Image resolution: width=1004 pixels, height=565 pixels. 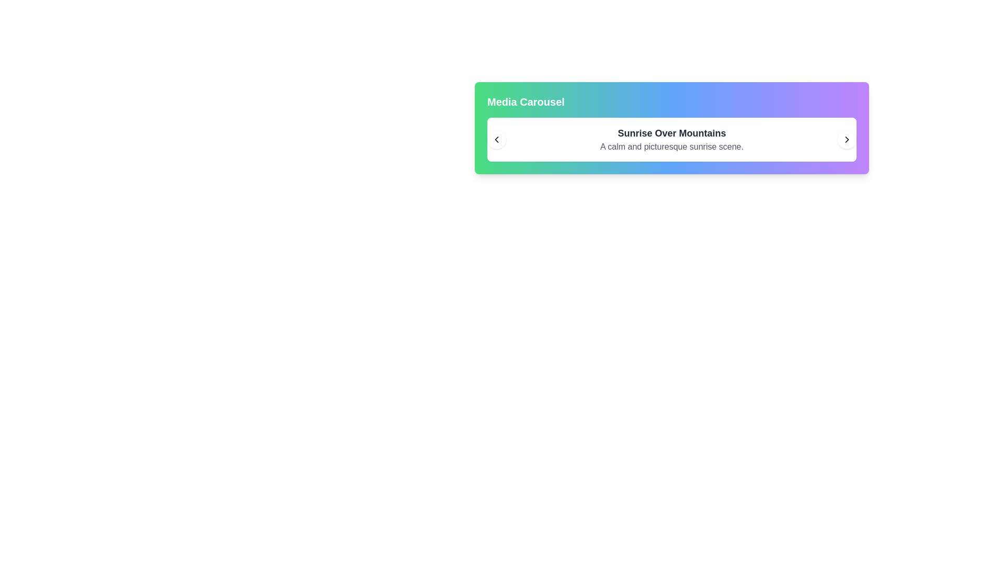 What do you see at coordinates (496, 139) in the screenshot?
I see `the Chevron icon on the left side of the media carousel` at bounding box center [496, 139].